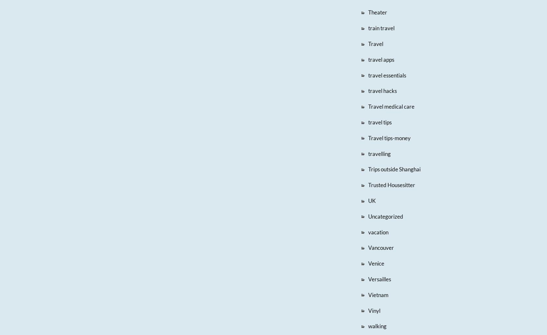  What do you see at coordinates (388, 137) in the screenshot?
I see `'Travel tips-money'` at bounding box center [388, 137].